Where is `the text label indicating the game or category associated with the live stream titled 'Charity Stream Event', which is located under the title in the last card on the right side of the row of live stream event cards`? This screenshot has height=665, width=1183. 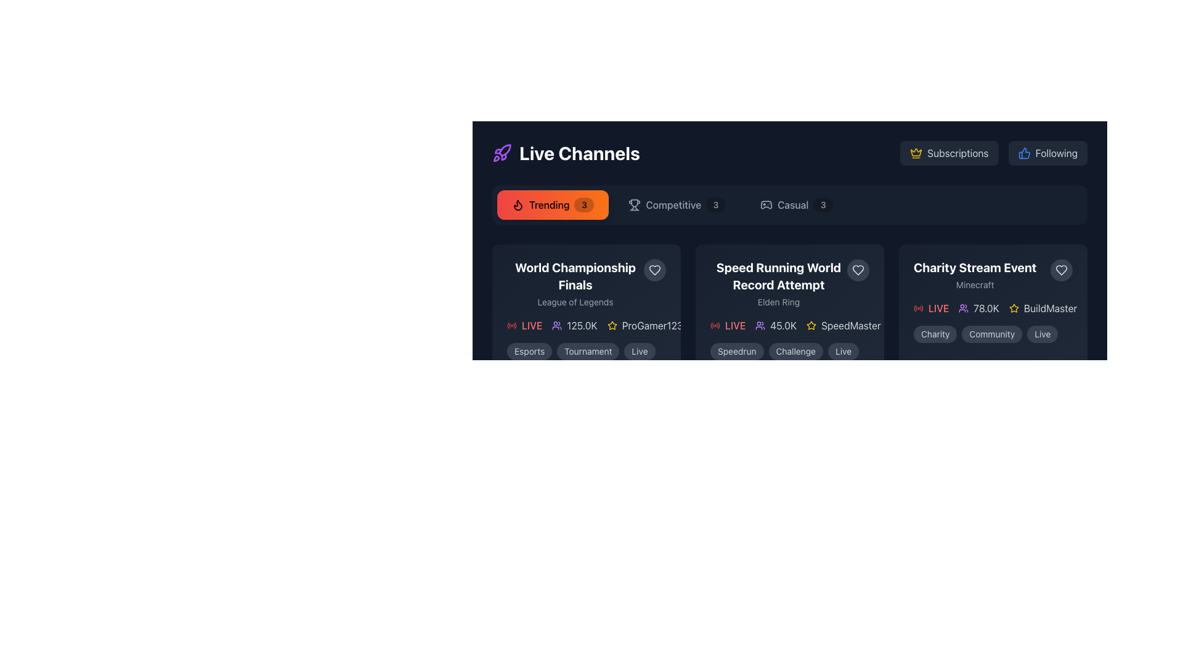 the text label indicating the game or category associated with the live stream titled 'Charity Stream Event', which is located under the title in the last card on the right side of the row of live stream event cards is located at coordinates (974, 284).